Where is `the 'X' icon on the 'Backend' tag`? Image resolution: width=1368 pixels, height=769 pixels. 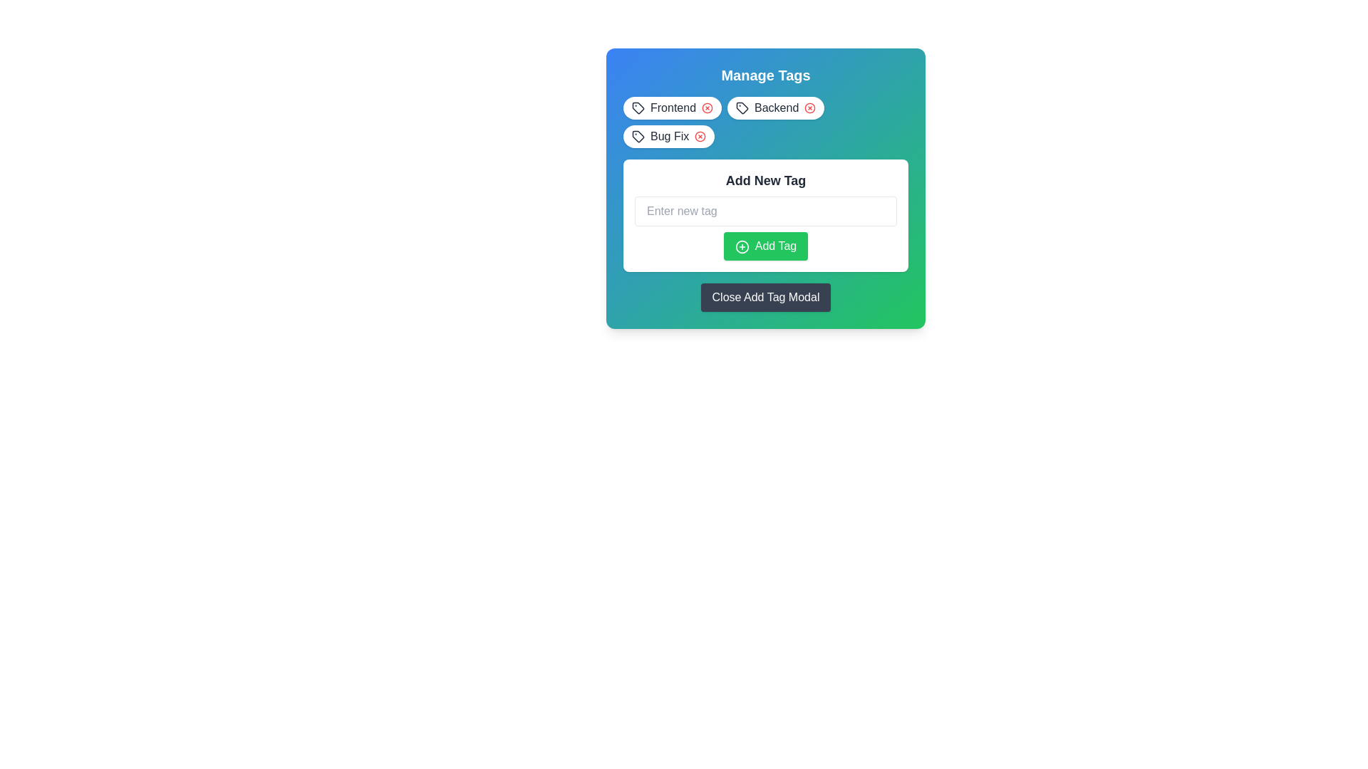 the 'X' icon on the 'Backend' tag is located at coordinates (775, 107).